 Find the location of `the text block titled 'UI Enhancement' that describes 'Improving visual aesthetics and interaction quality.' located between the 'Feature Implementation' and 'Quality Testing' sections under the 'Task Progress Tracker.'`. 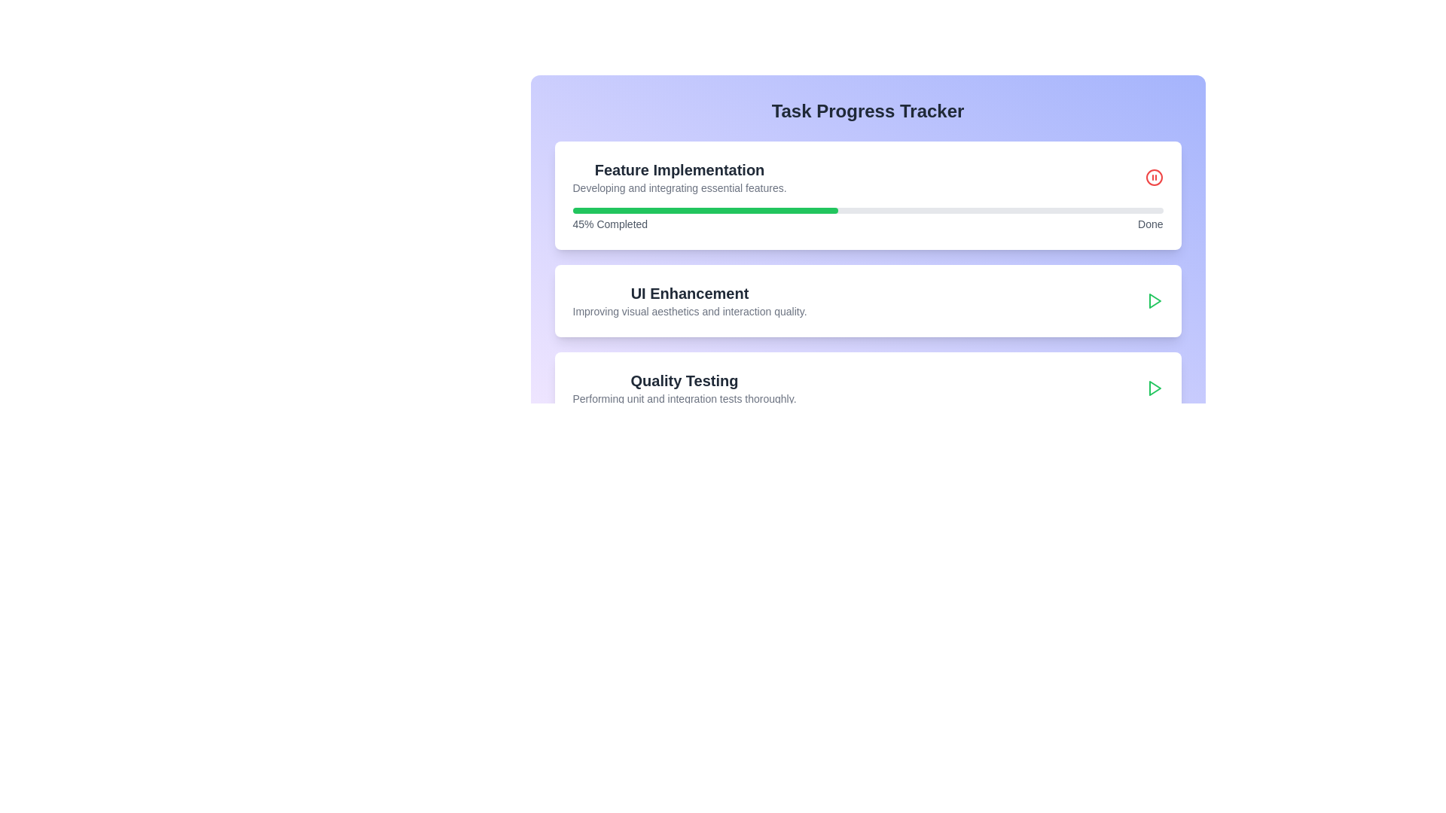

the text block titled 'UI Enhancement' that describes 'Improving visual aesthetics and interaction quality.' located between the 'Feature Implementation' and 'Quality Testing' sections under the 'Task Progress Tracker.' is located at coordinates (689, 301).